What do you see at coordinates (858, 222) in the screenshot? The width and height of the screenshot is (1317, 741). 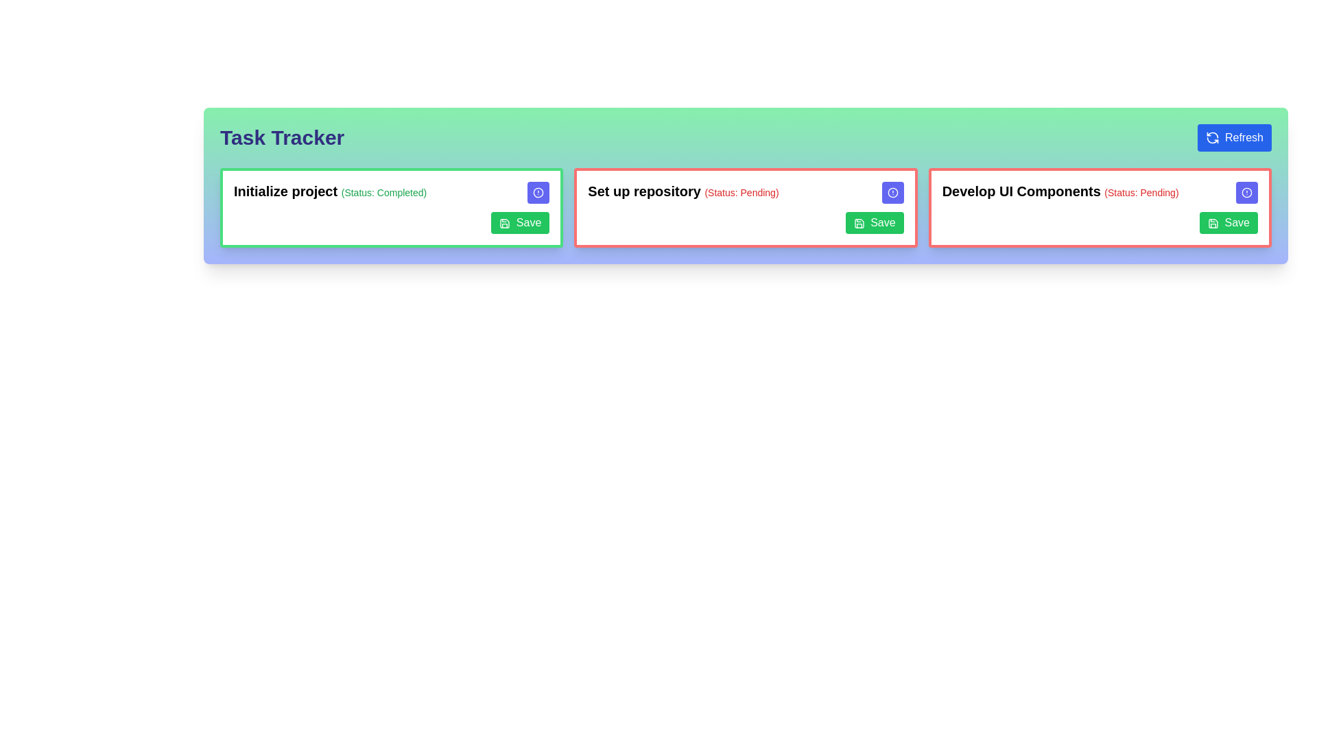 I see `the save button, which is a green button labeled 'Save' featuring a floppy disk icon, located in the second task card titled 'Set up repository (Status: Pending)'` at bounding box center [858, 222].